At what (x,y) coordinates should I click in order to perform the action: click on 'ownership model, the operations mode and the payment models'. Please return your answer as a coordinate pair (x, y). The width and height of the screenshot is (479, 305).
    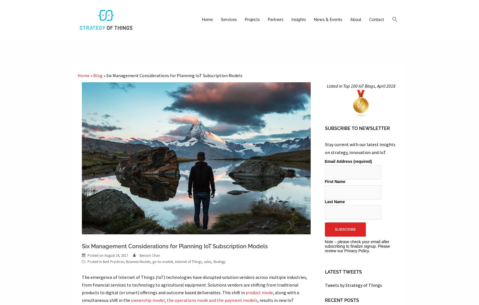
    Looking at the image, I should click on (194, 300).